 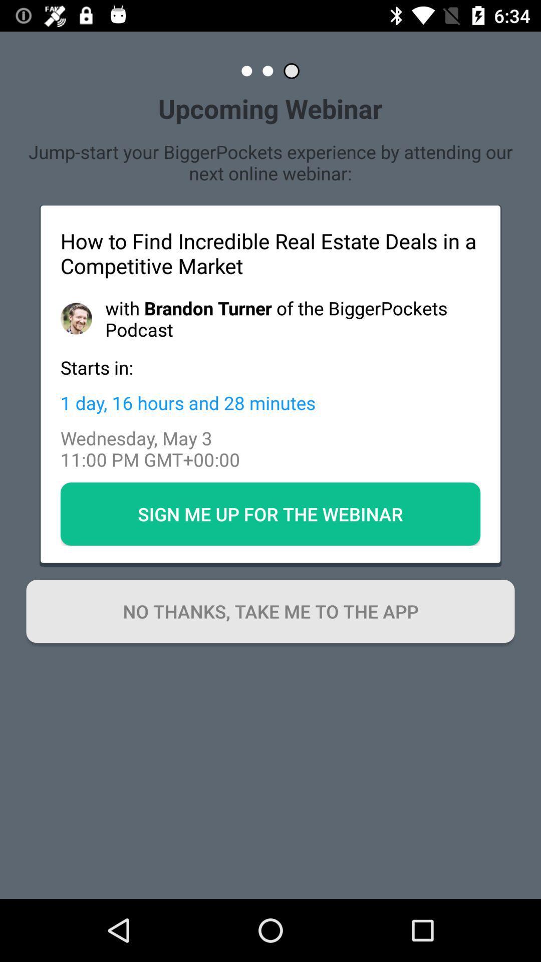 What do you see at coordinates (270, 514) in the screenshot?
I see `the app below the wednesday may 3` at bounding box center [270, 514].